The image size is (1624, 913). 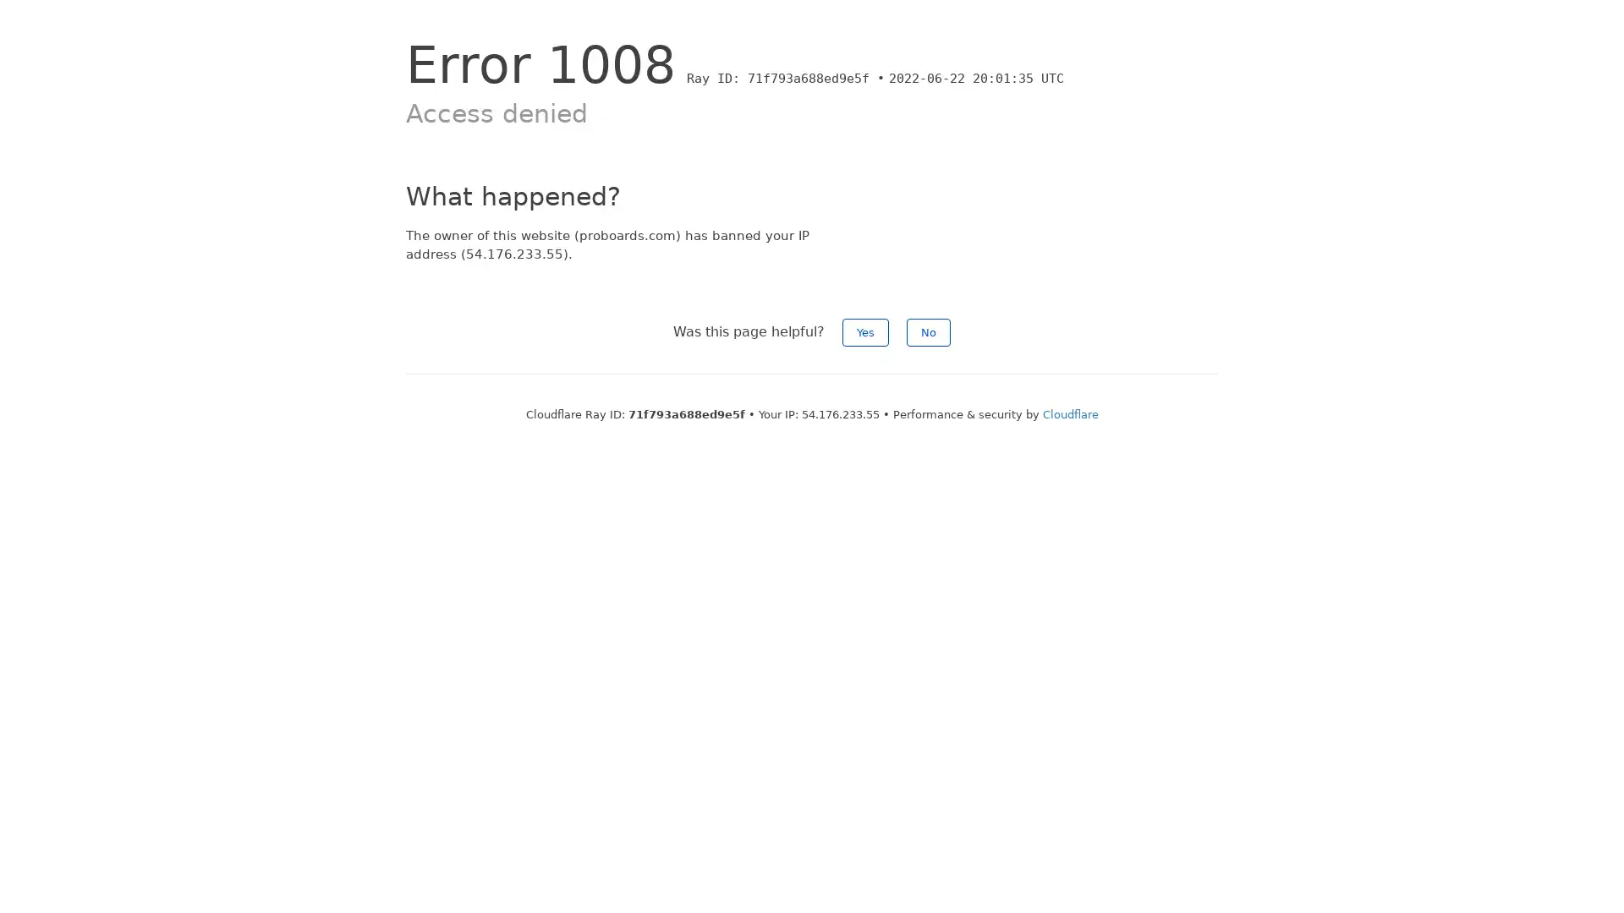 What do you see at coordinates (865, 331) in the screenshot?
I see `Yes` at bounding box center [865, 331].